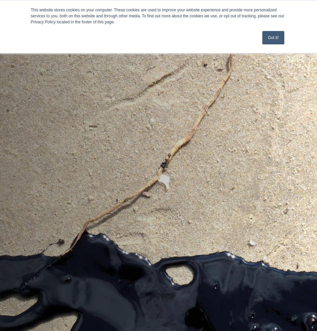  I want to click on 'Campaigns', so click(20, 72).